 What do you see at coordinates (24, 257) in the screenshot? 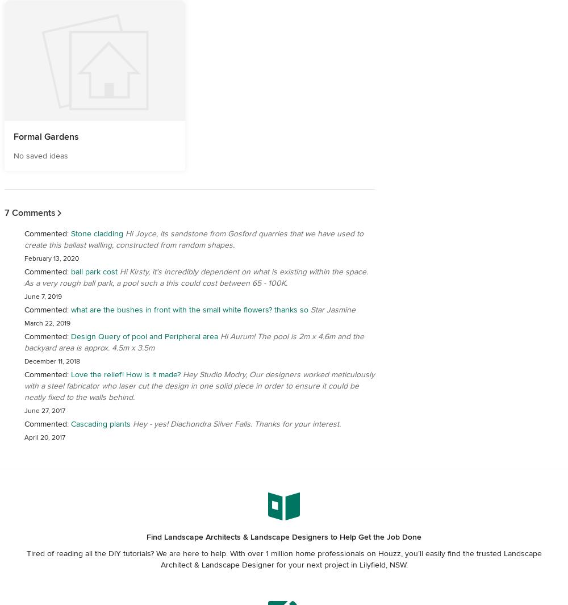
I see `'February 13, 2020'` at bounding box center [24, 257].